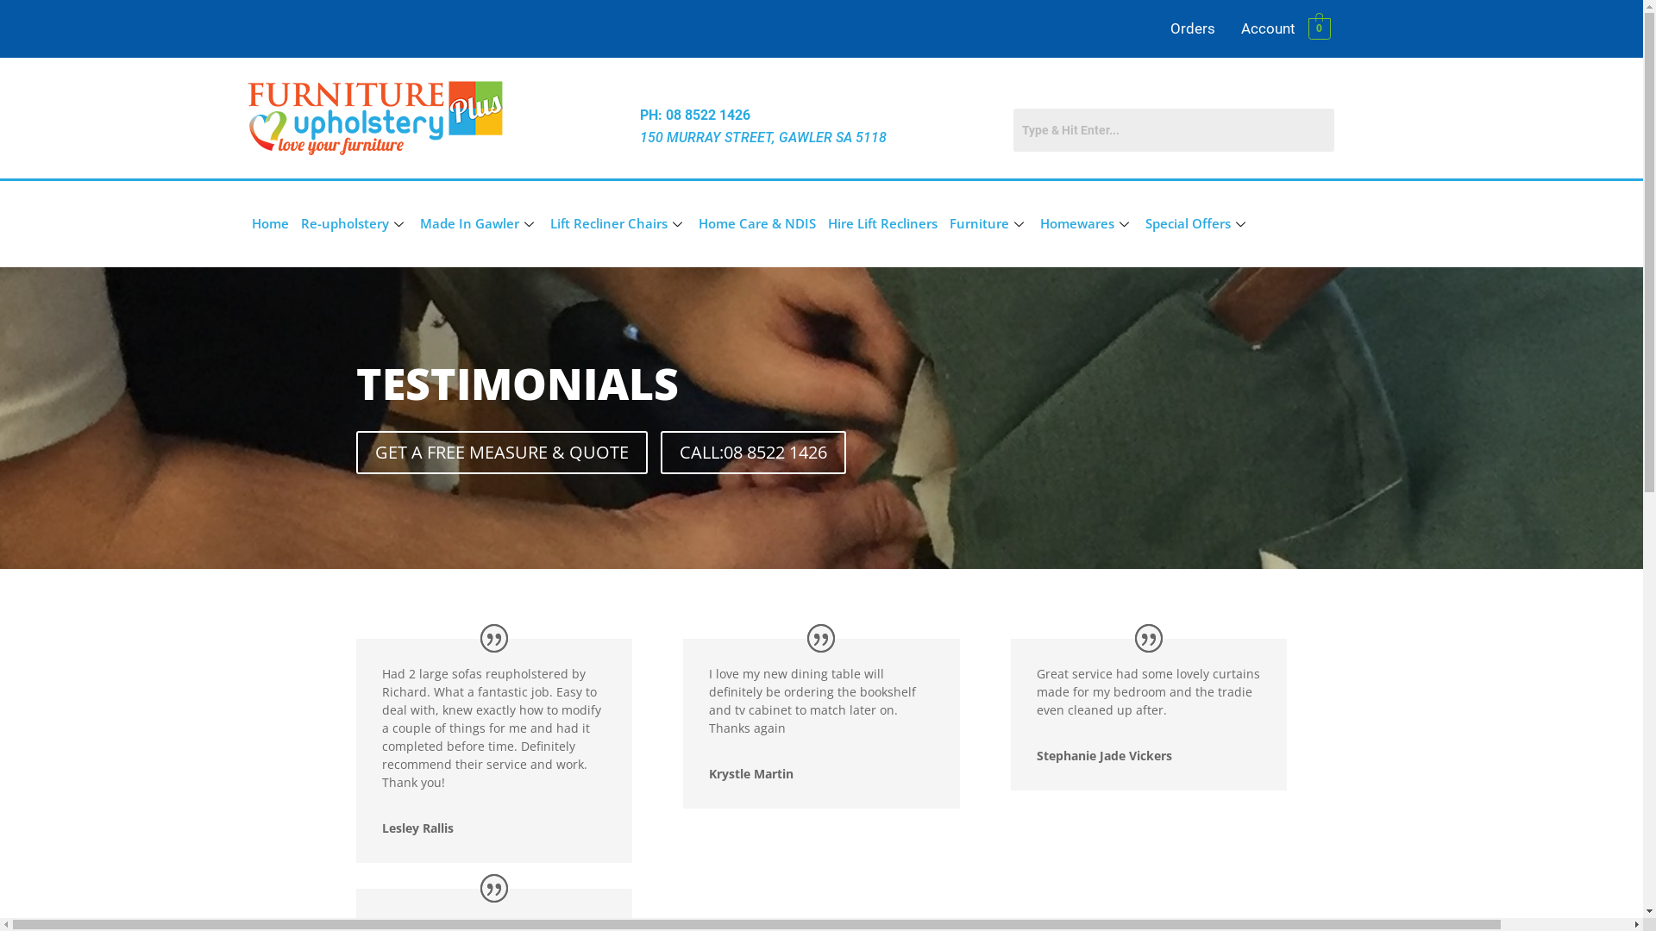 The image size is (1656, 931). I want to click on 'Home Care & NDIS', so click(756, 222).